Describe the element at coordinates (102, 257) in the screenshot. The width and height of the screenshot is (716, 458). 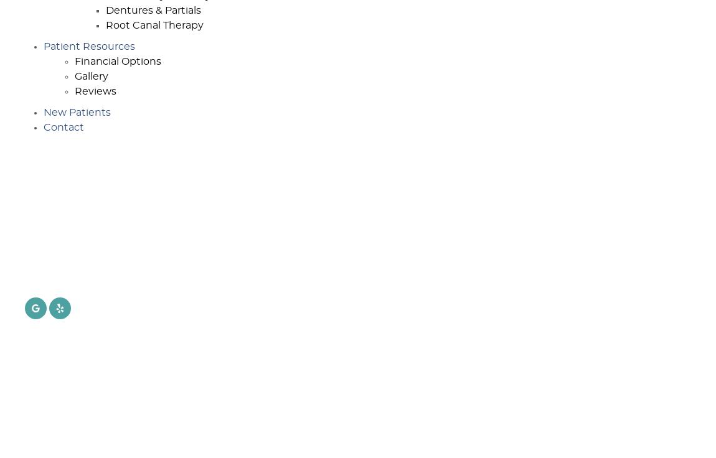
I see `'301 Huntington Dr., Ste. 204'` at that location.